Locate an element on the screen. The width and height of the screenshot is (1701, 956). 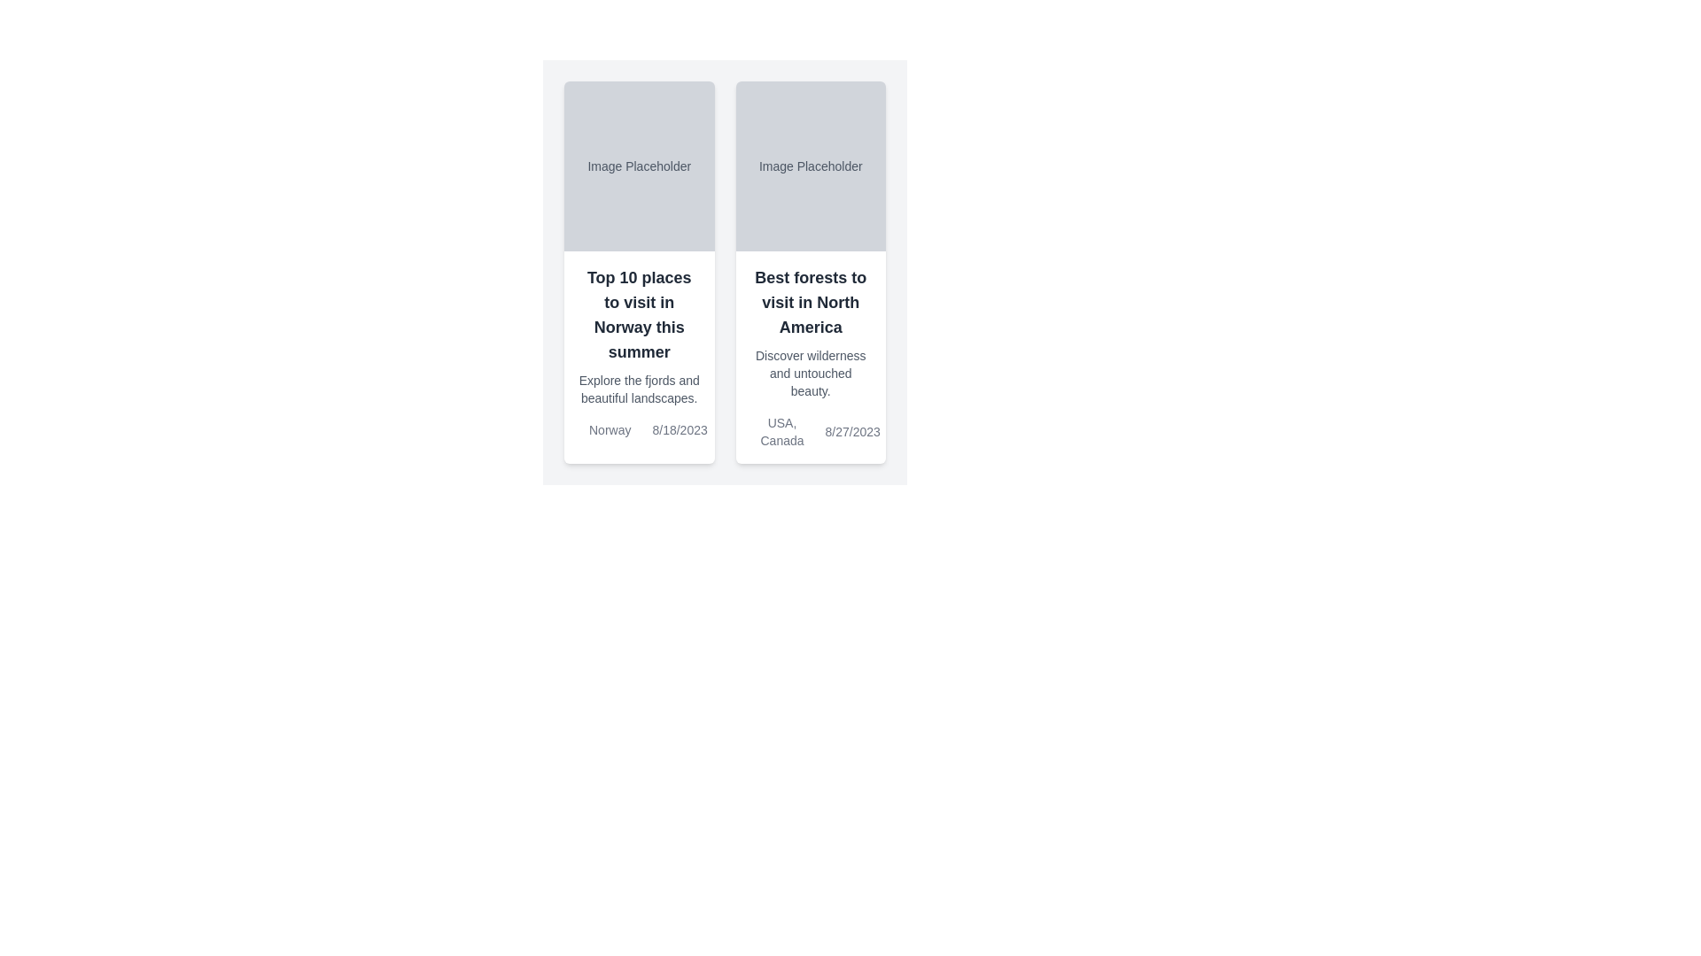
the text label displaying 'USA, Canada' in grey color, located under the rightmost card labeled 'Best forests to visit in North America', to the left of the date component '8/27/2023' is located at coordinates (781, 432).